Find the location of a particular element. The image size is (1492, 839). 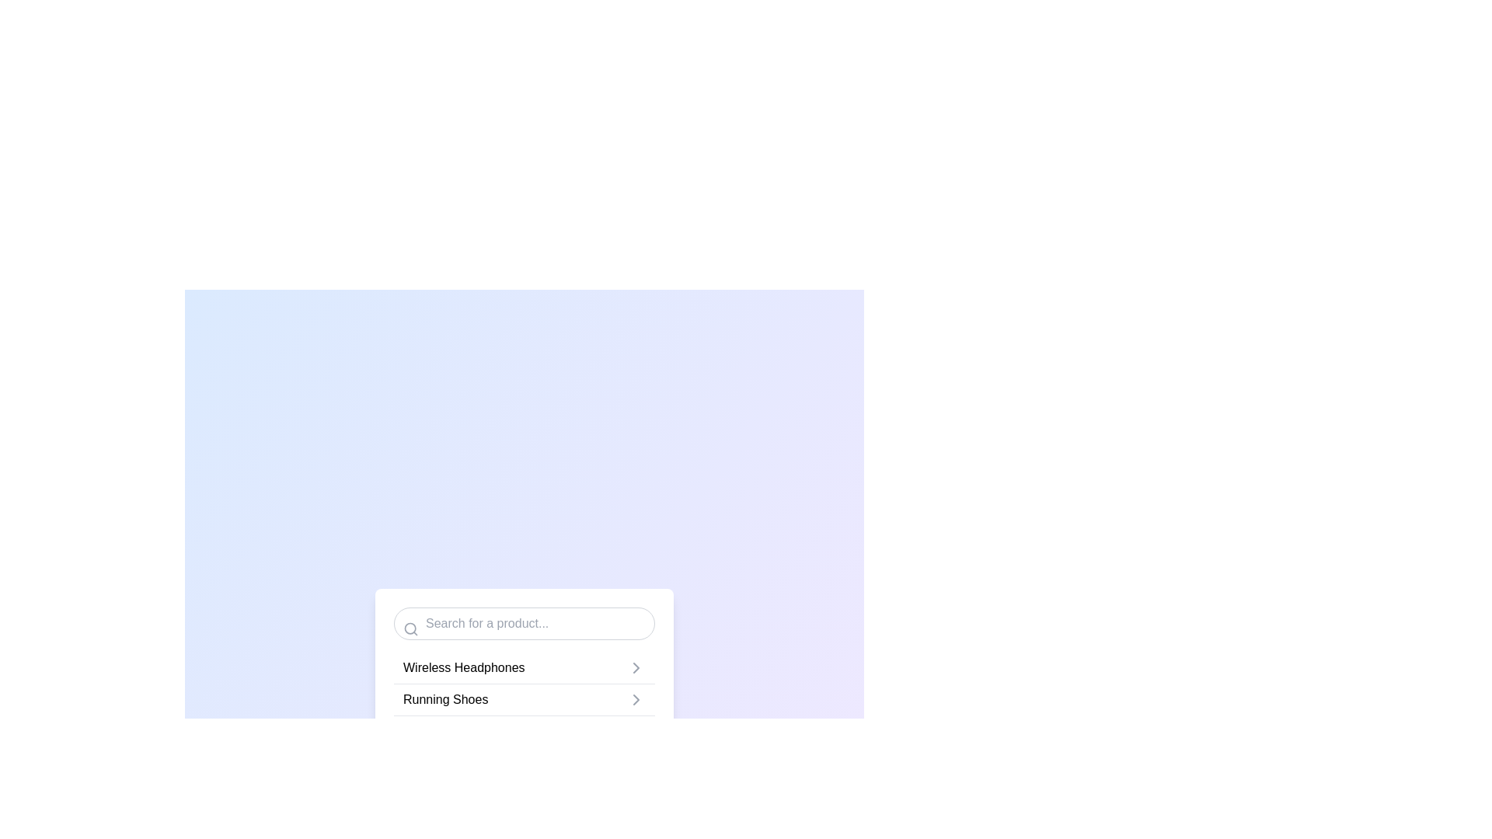

the 'Running Shoes' list item is located at coordinates (525, 709).